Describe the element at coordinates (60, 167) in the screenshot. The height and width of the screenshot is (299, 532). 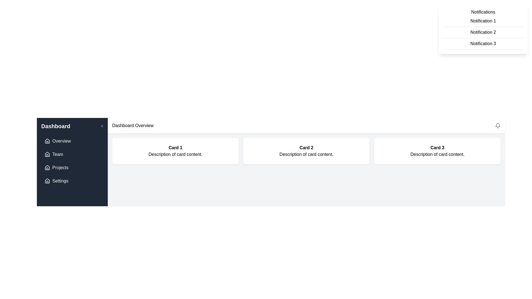
I see `the 'Projects' text label located in the vertical menu on the left sidebar, which is displayed in white text on a dark background, positioned below the 'Team' item and above the 'Settings' item` at that location.